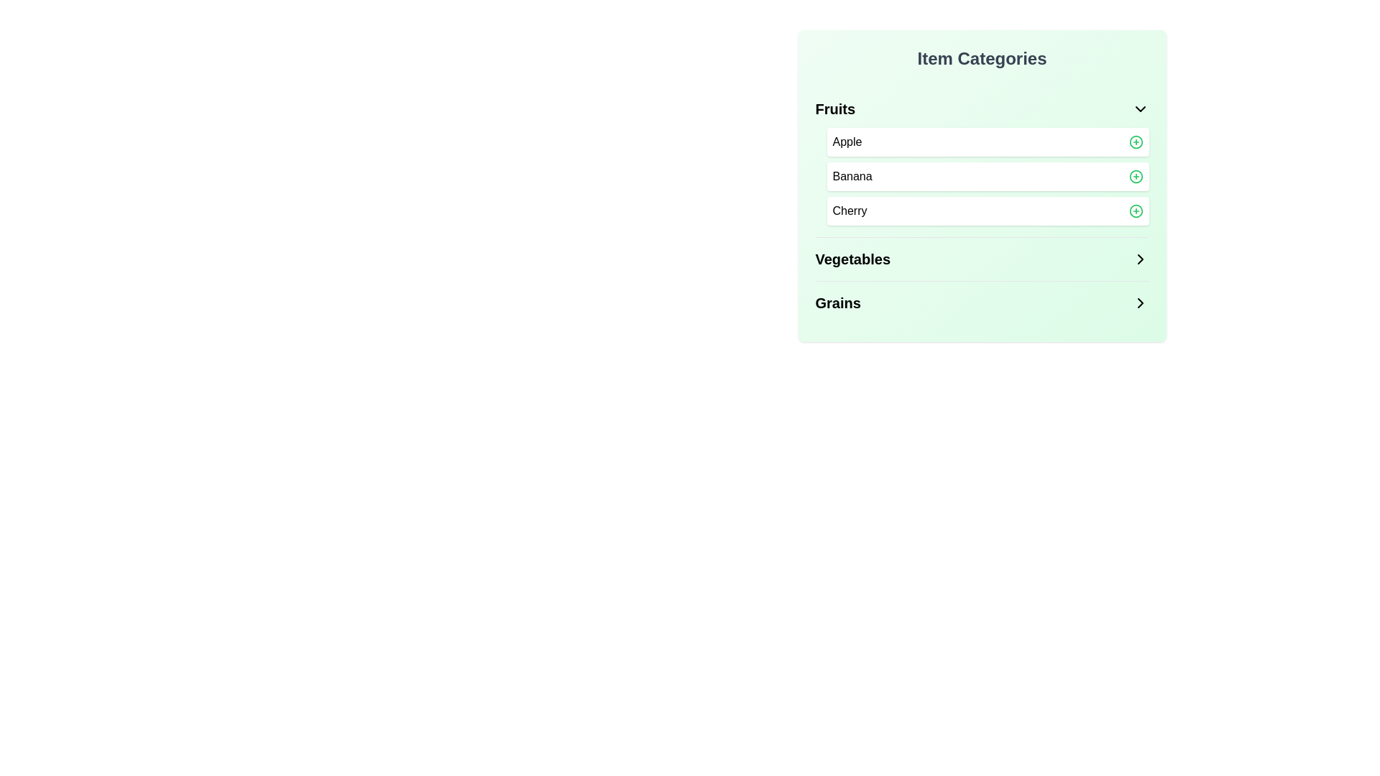 This screenshot has width=1380, height=776. What do you see at coordinates (1135, 142) in the screenshot?
I see `the 'add' icon next to the item Apple` at bounding box center [1135, 142].